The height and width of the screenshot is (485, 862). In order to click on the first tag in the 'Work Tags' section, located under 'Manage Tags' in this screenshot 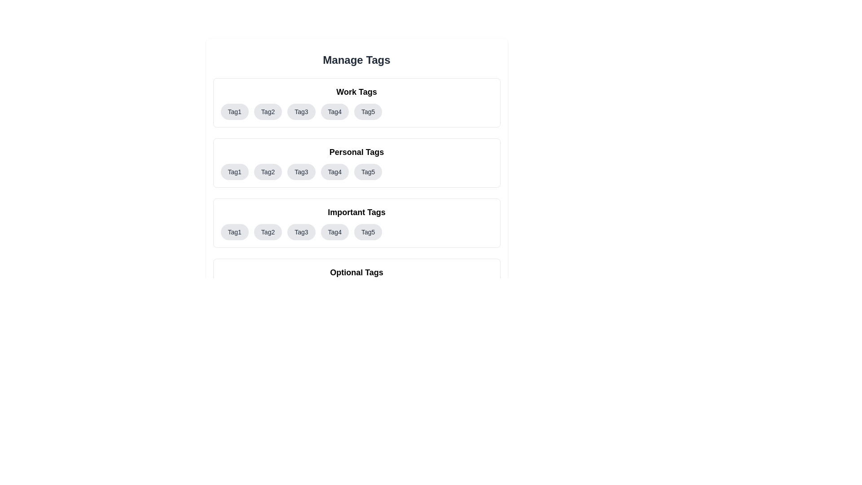, I will do `click(234, 111)`.